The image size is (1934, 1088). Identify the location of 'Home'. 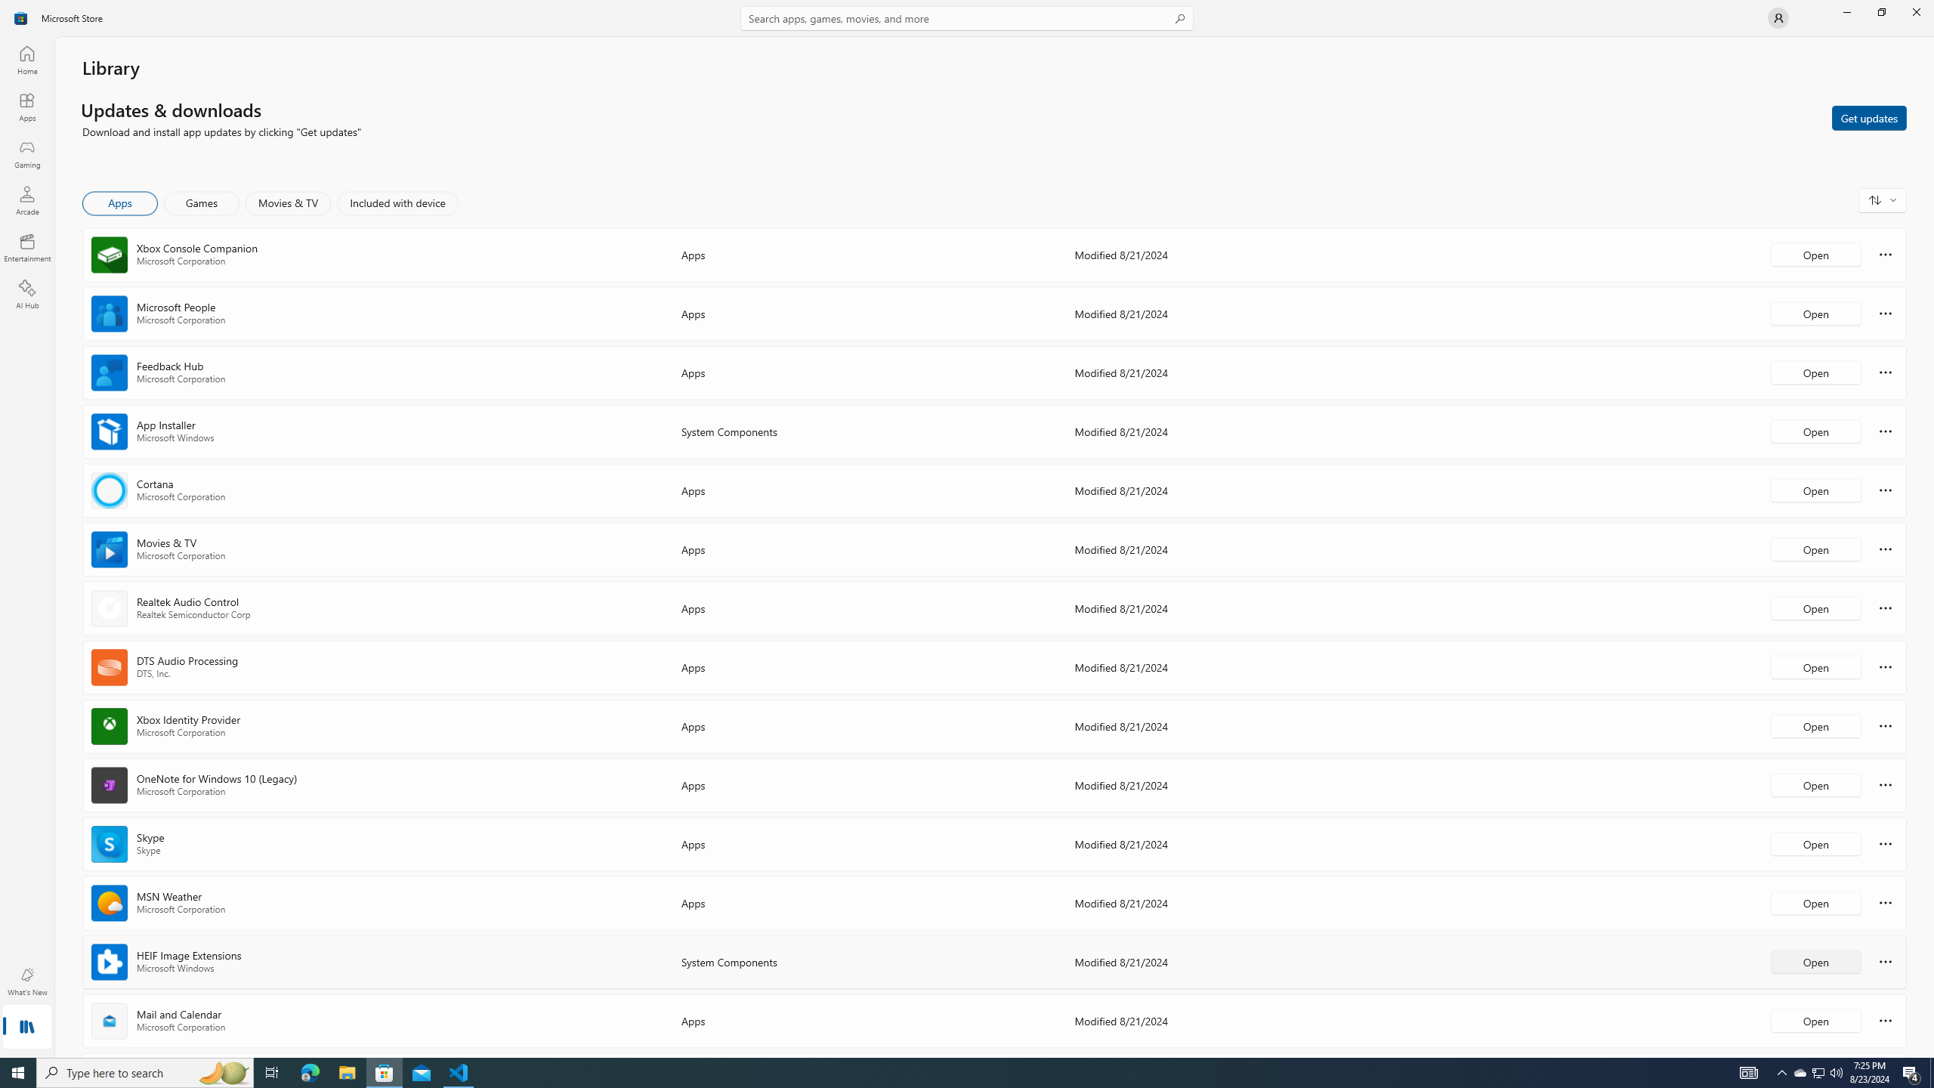
(26, 59).